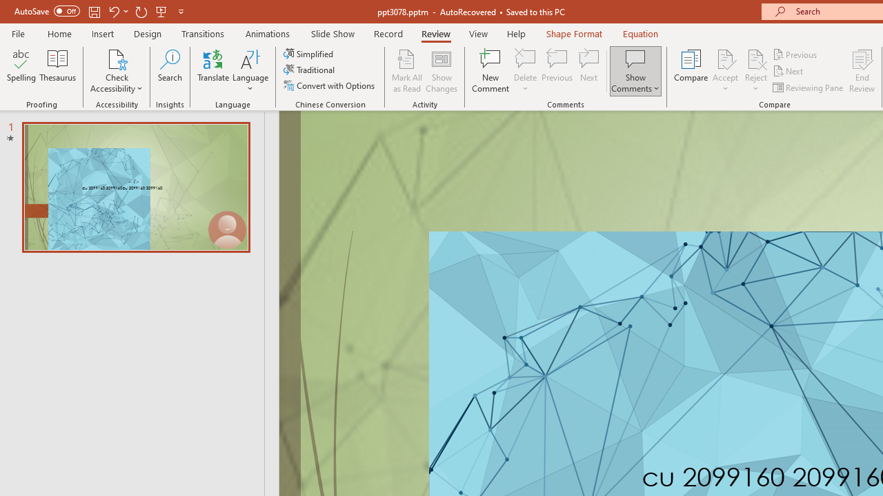  I want to click on 'Accept', so click(724, 71).